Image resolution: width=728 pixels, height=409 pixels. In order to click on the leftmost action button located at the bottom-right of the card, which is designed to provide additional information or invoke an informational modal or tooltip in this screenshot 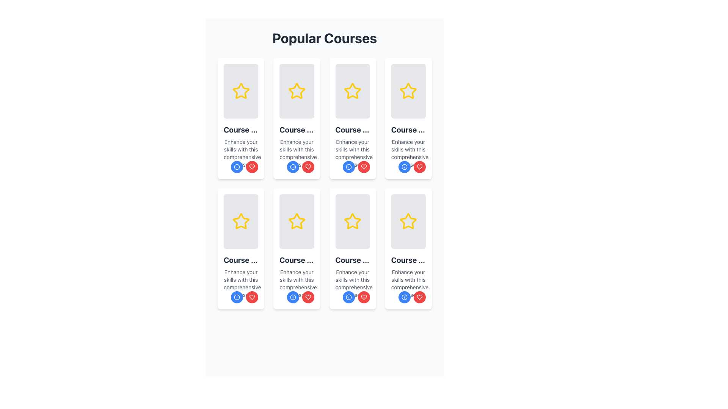, I will do `click(237, 297)`.